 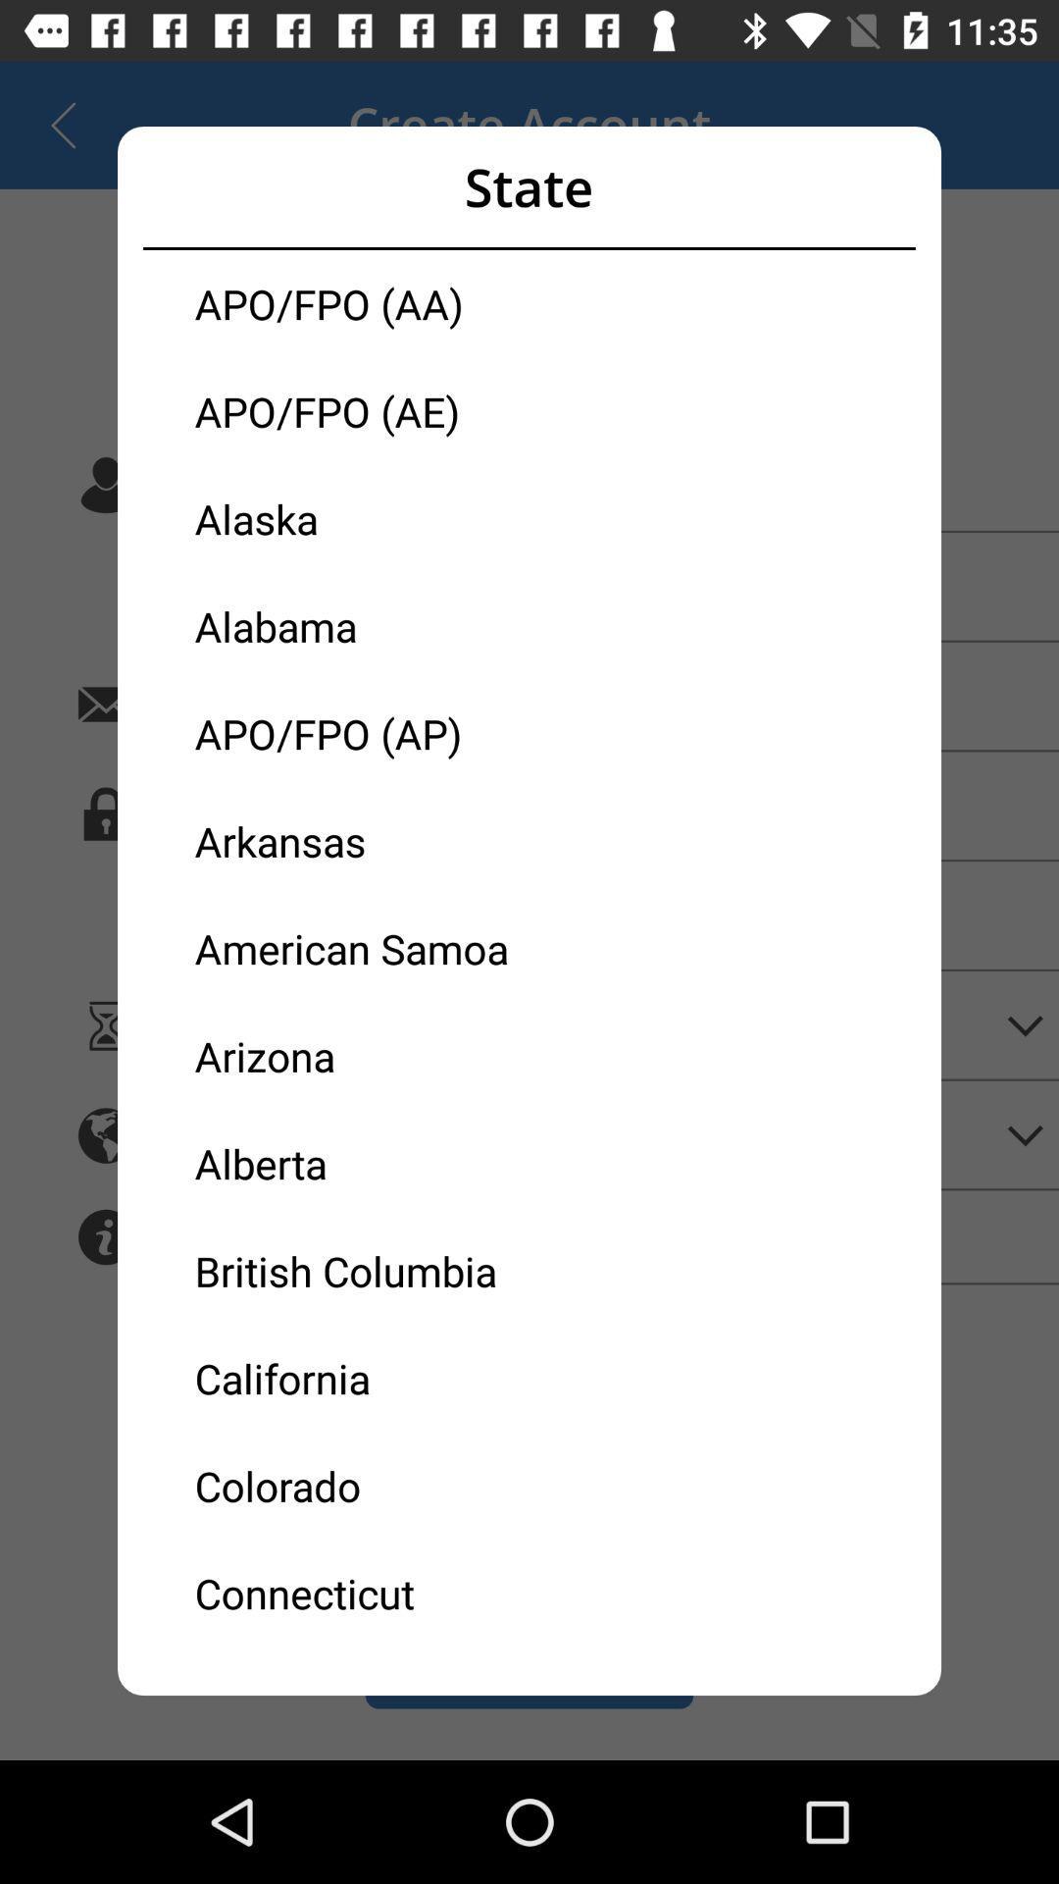 What do you see at coordinates (362, 518) in the screenshot?
I see `the alaska icon` at bounding box center [362, 518].